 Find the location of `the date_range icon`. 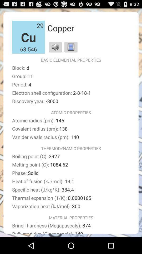

the date_range icon is located at coordinates (71, 50).